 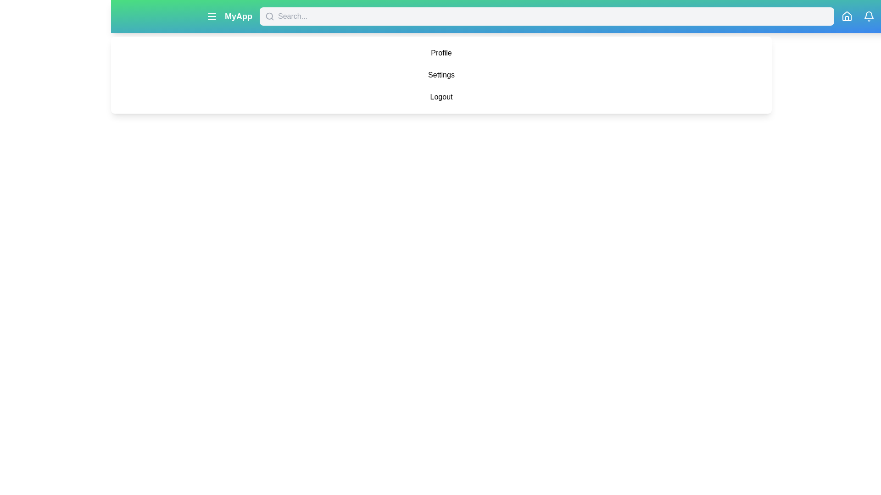 I want to click on the leftmost home navigation icon in the top-right corner of the interface, so click(x=847, y=16).